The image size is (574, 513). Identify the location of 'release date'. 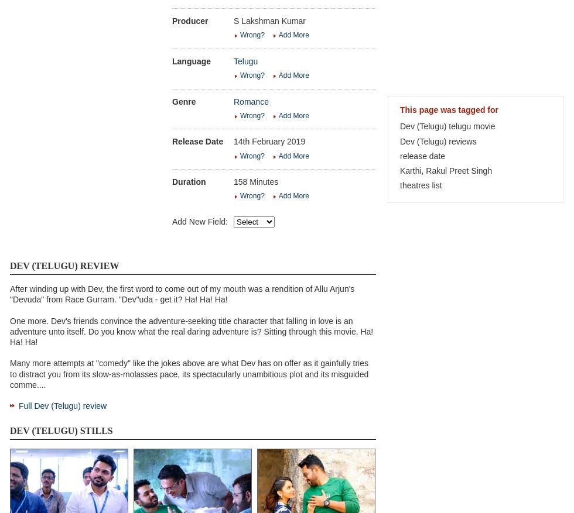
(399, 155).